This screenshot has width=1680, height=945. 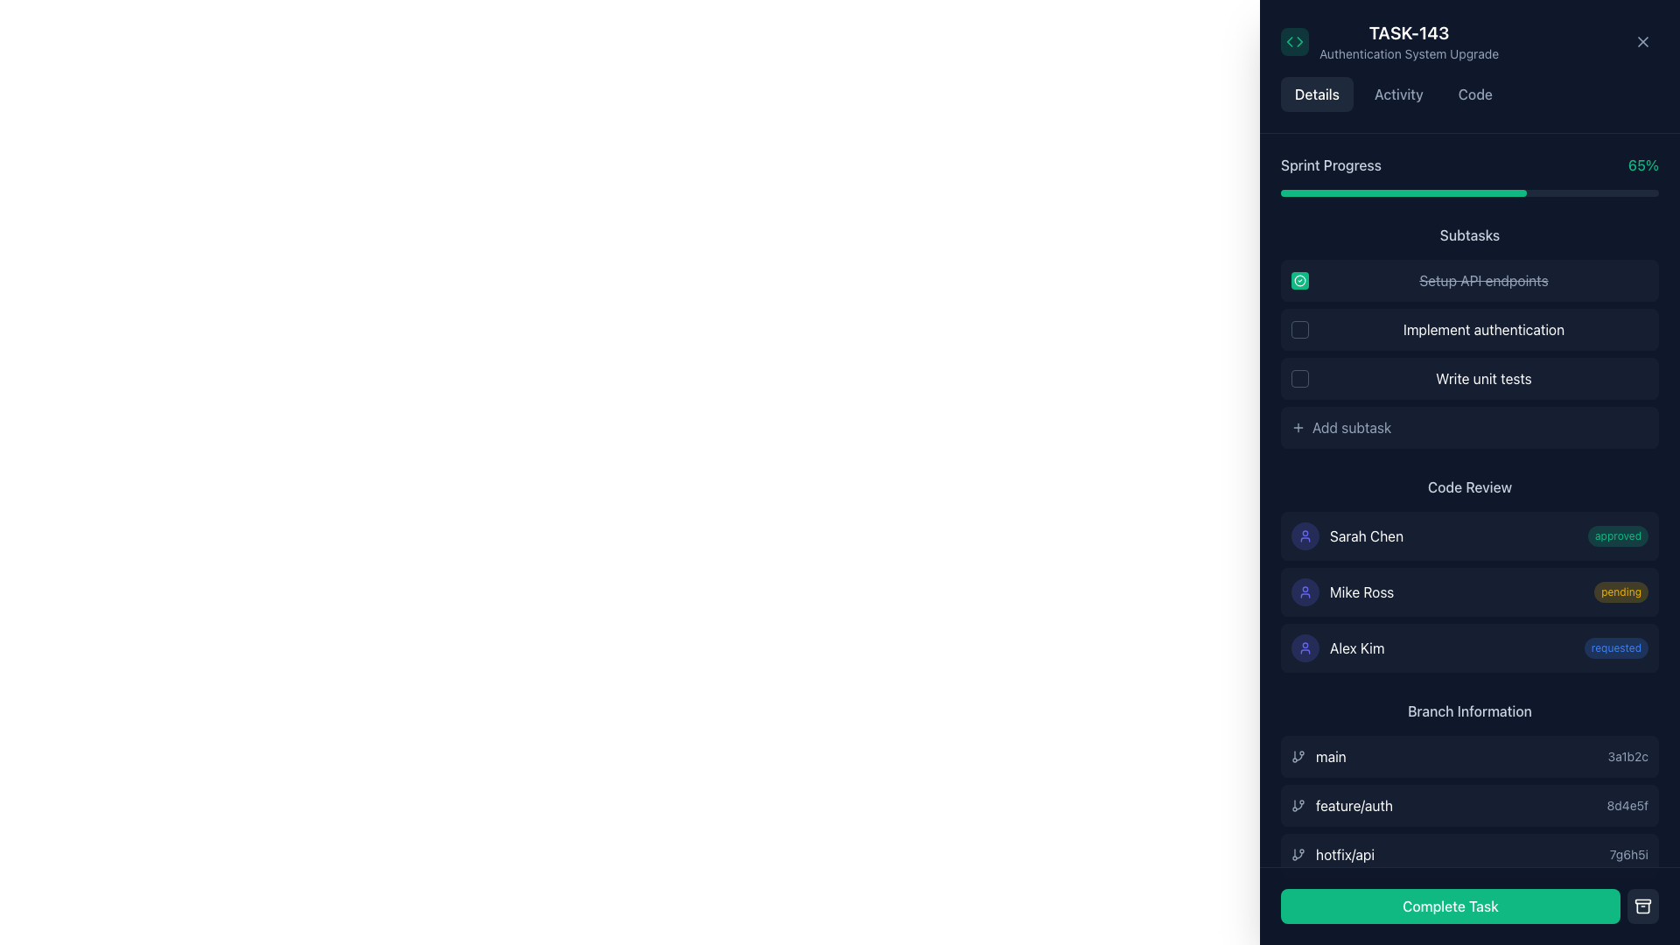 What do you see at coordinates (1470, 192) in the screenshot?
I see `the progress bar representing 'Sprint Progress' that visually displays 65%` at bounding box center [1470, 192].